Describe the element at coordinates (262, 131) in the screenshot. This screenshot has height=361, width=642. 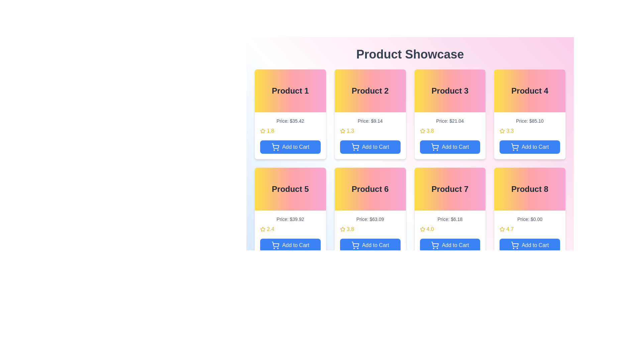
I see `the rating represented by the star icon associated with the rating of '1.8' in the first product card located in the top-left corner of the interface` at that location.